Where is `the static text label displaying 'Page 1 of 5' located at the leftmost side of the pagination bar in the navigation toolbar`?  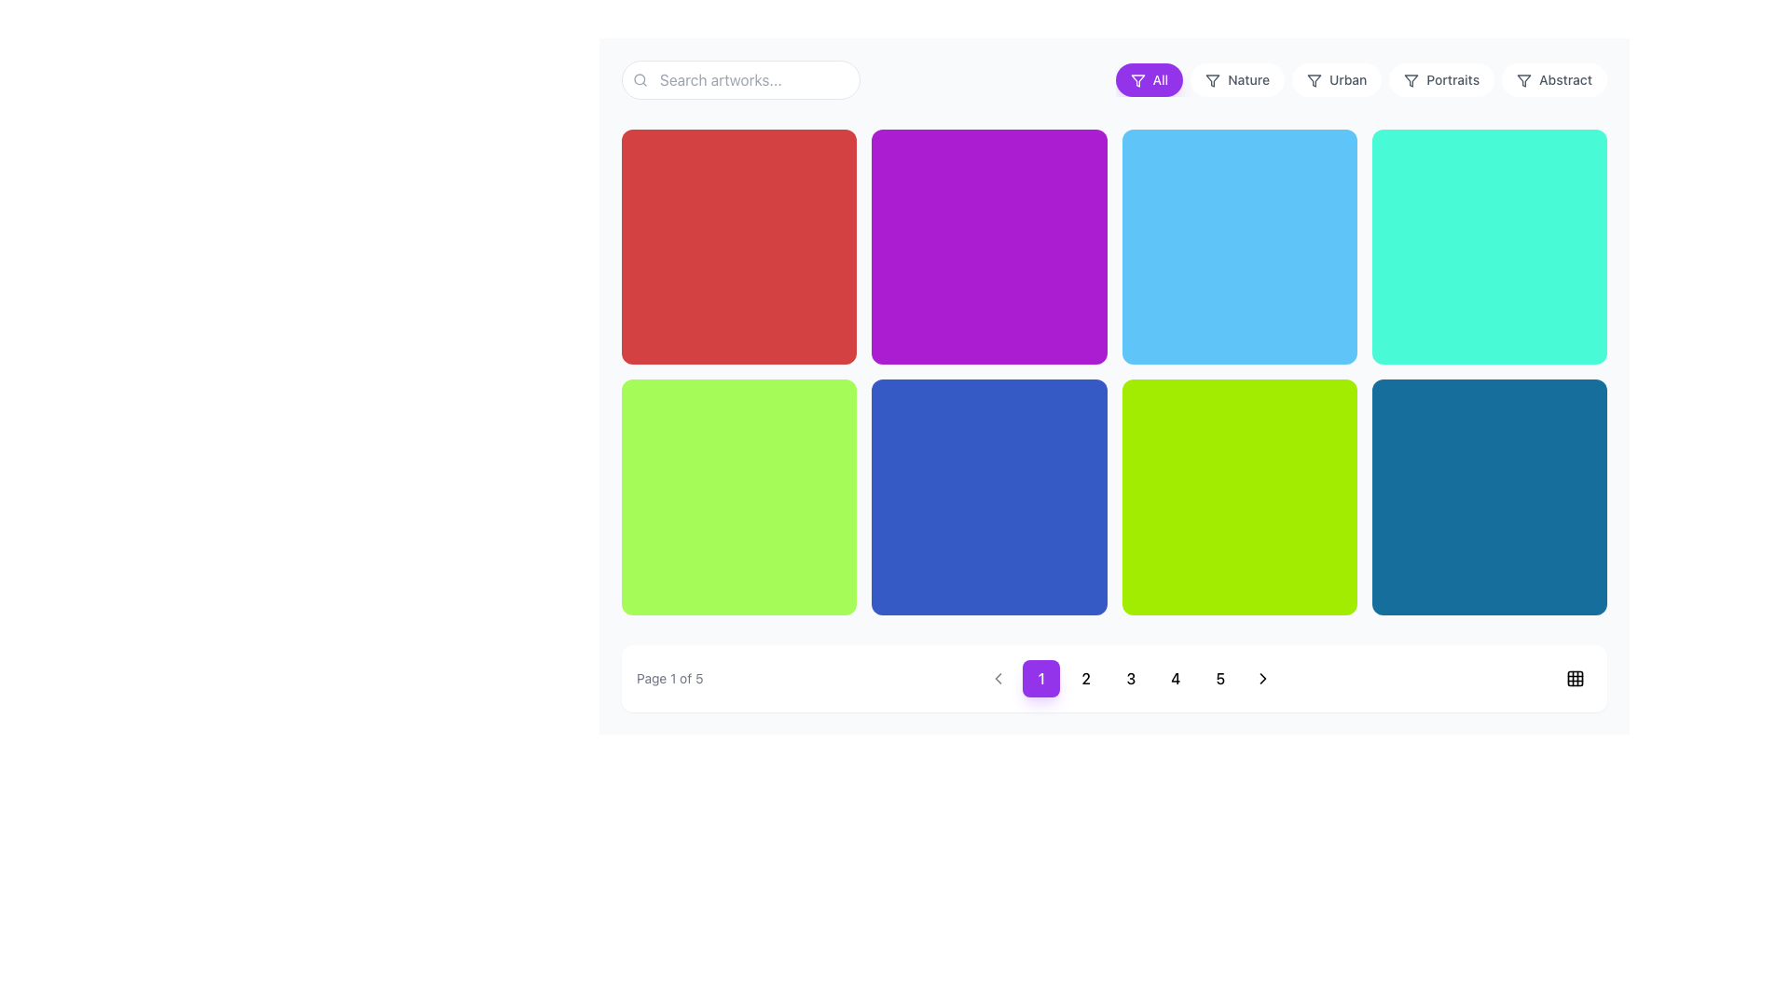 the static text label displaying 'Page 1 of 5' located at the leftmost side of the pagination bar in the navigation toolbar is located at coordinates (669, 678).